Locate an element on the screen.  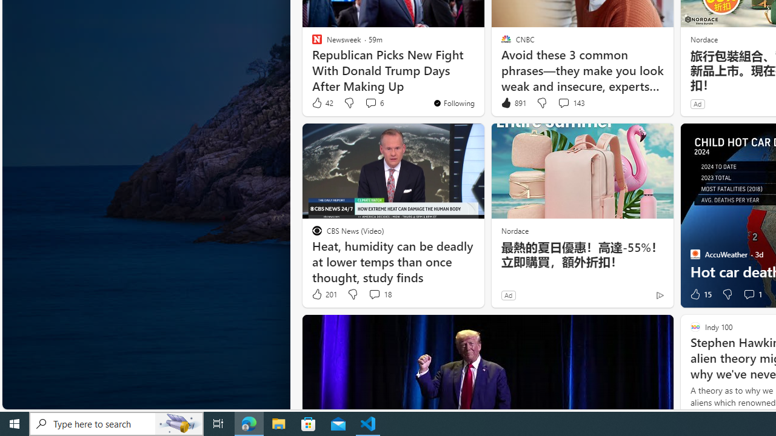
'View comments 143 Comment' is located at coordinates (570, 102).